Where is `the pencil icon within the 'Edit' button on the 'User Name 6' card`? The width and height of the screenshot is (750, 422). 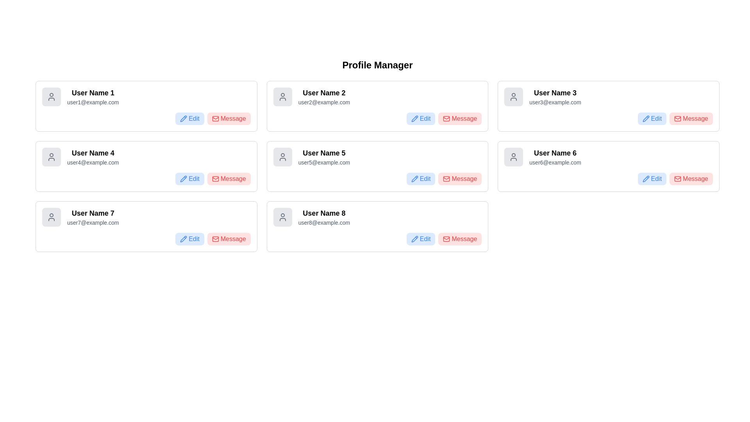 the pencil icon within the 'Edit' button on the 'User Name 6' card is located at coordinates (646, 179).